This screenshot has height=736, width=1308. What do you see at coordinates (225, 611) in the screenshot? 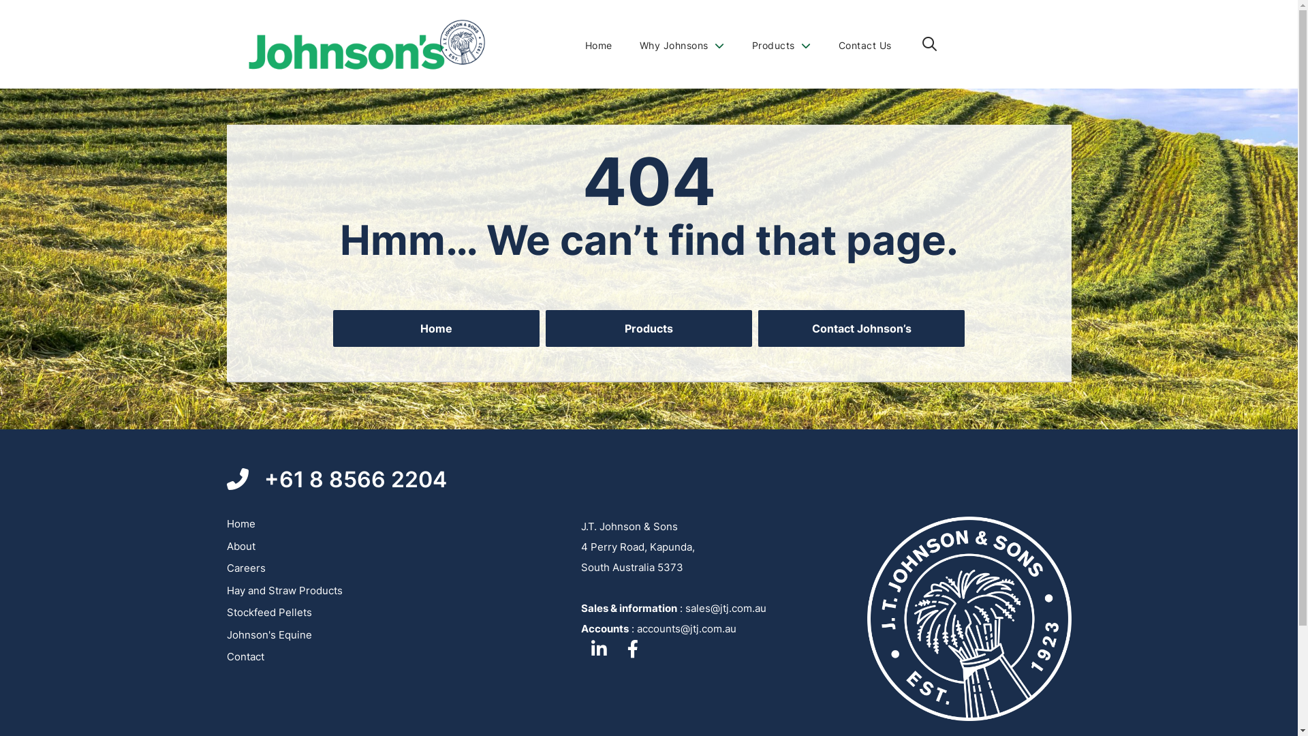
I see `'Stockfeed Pellets'` at bounding box center [225, 611].